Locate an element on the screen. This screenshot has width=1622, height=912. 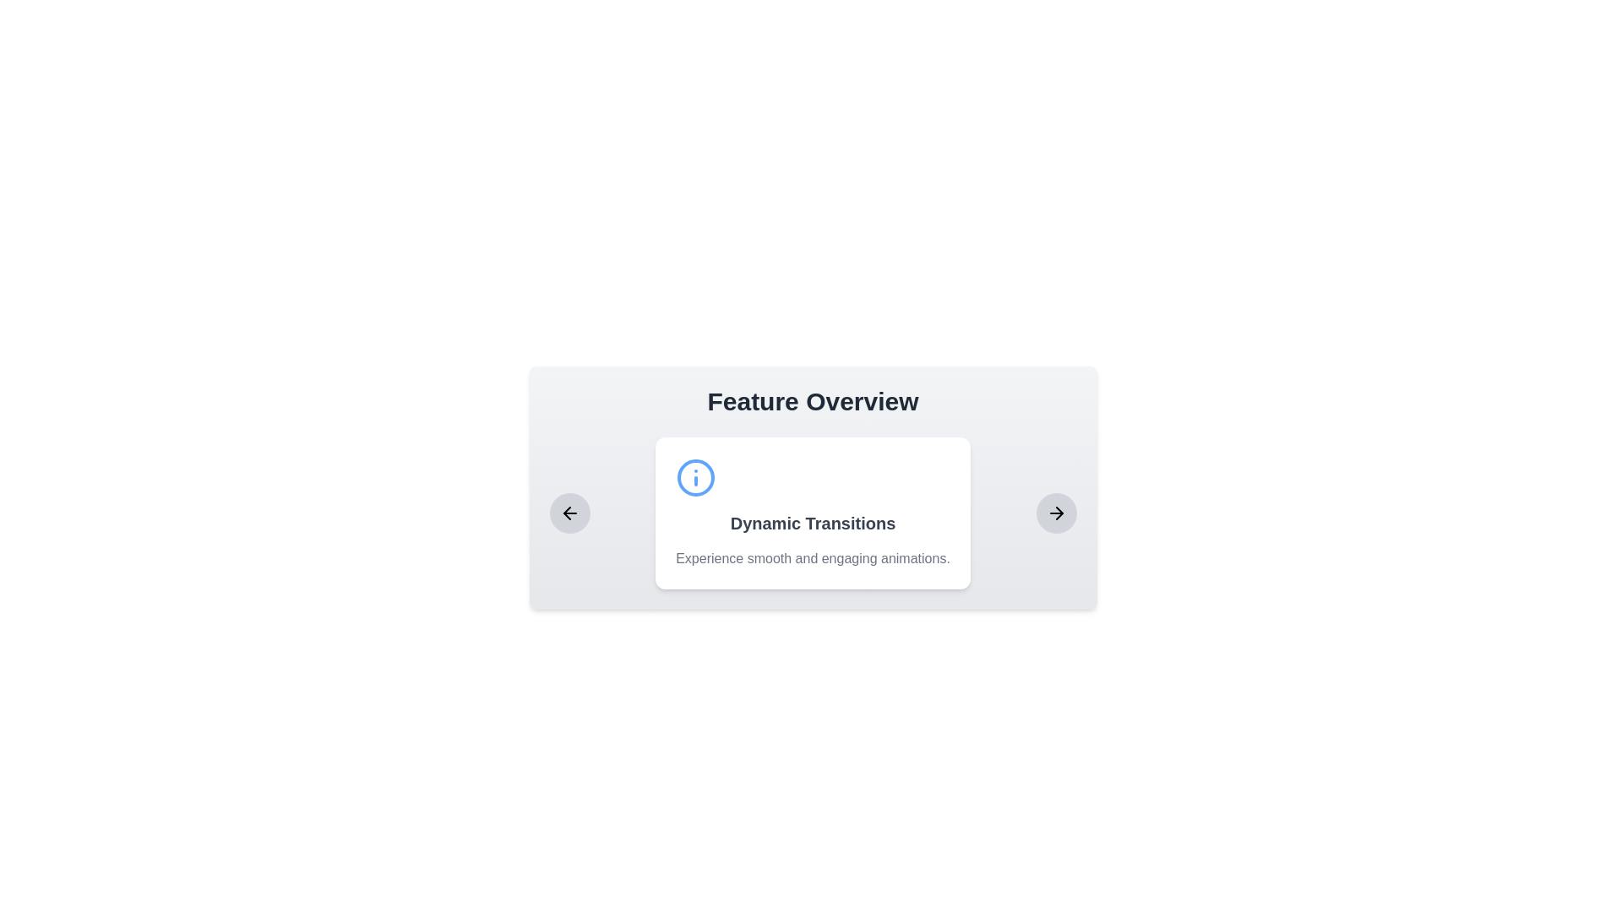
the circular icon with a blue outline containing an 'i' symbol located at the top left corner of the 'Dynamic Transitions' card is located at coordinates (696, 478).